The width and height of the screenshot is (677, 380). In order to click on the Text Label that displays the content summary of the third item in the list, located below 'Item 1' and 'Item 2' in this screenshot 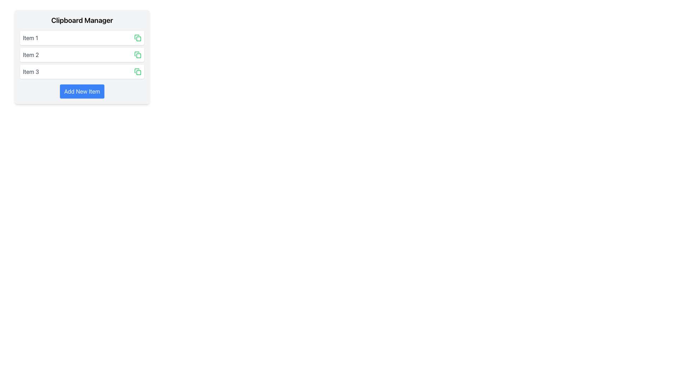, I will do `click(30, 72)`.